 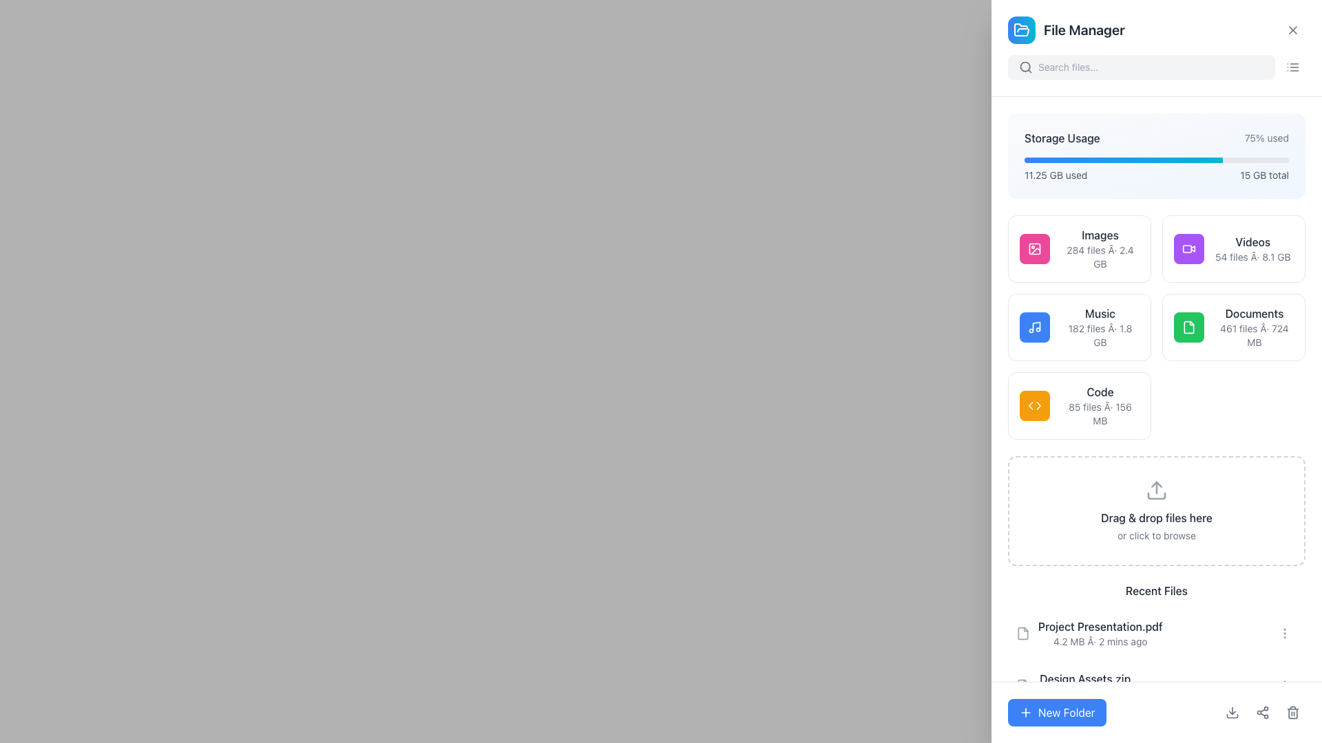 What do you see at coordinates (1262, 712) in the screenshot?
I see `the center icon button depicting a sharing or connection symbol located at the bottom-right section of the interface` at bounding box center [1262, 712].